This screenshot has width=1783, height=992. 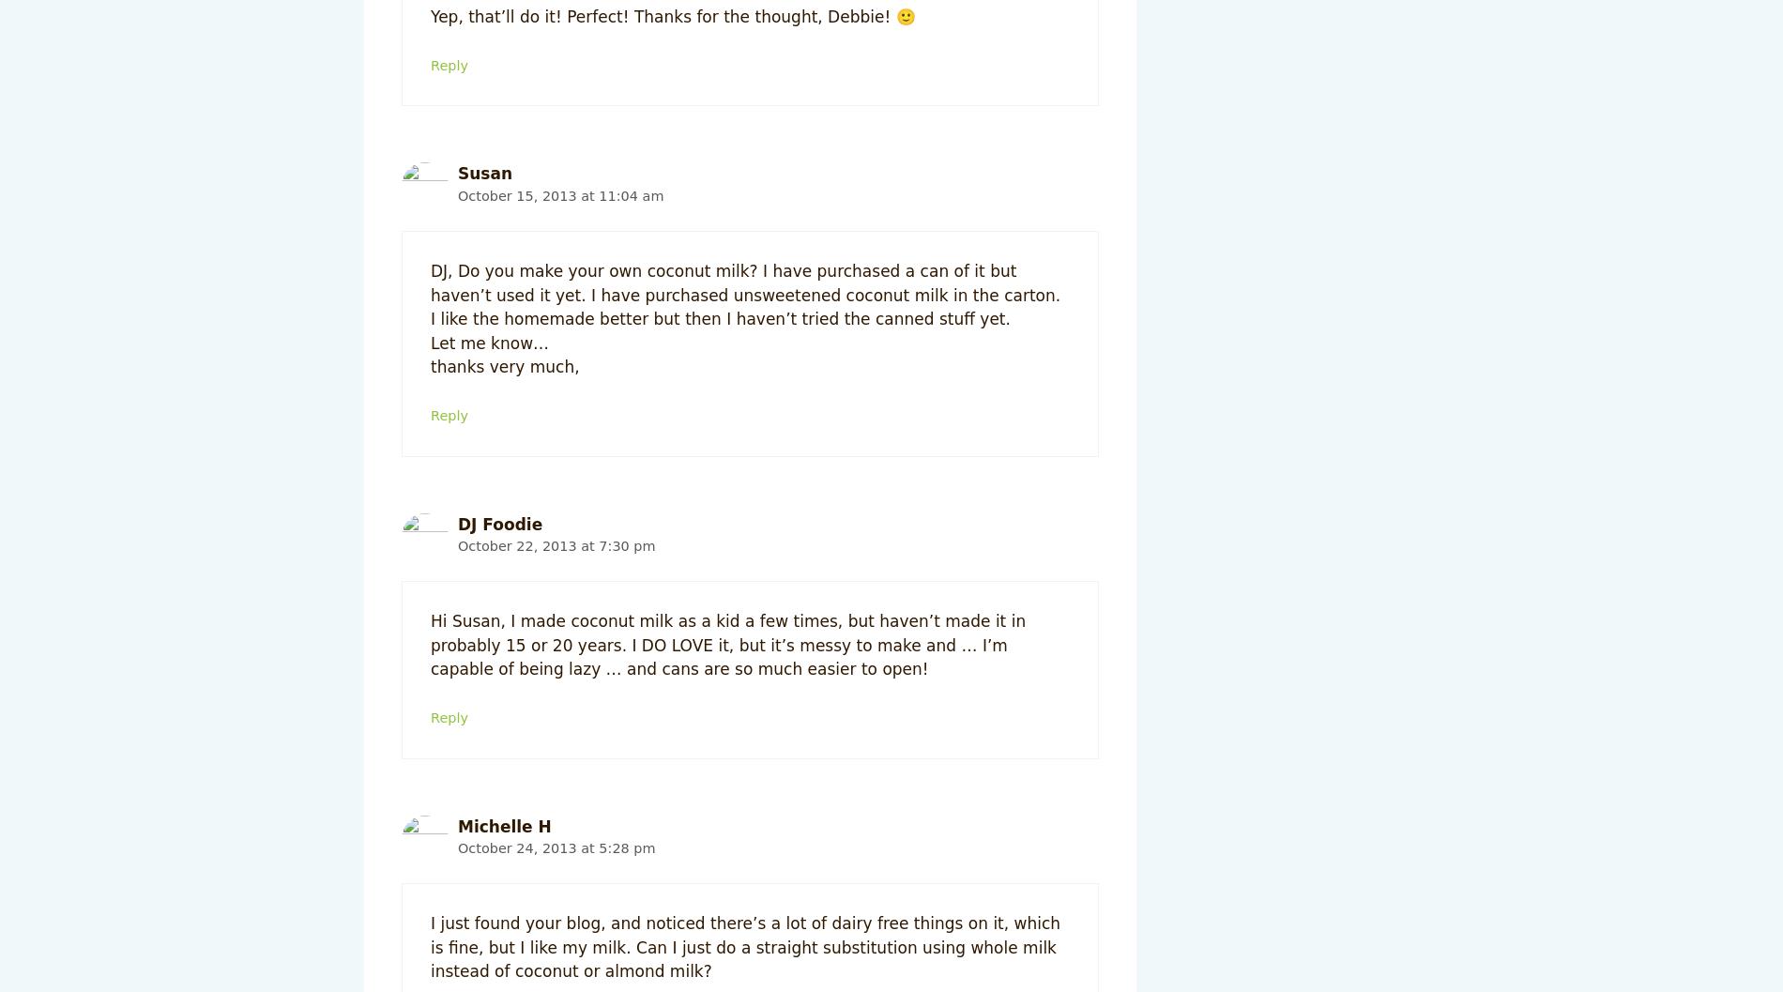 What do you see at coordinates (504, 824) in the screenshot?
I see `'Michelle H'` at bounding box center [504, 824].